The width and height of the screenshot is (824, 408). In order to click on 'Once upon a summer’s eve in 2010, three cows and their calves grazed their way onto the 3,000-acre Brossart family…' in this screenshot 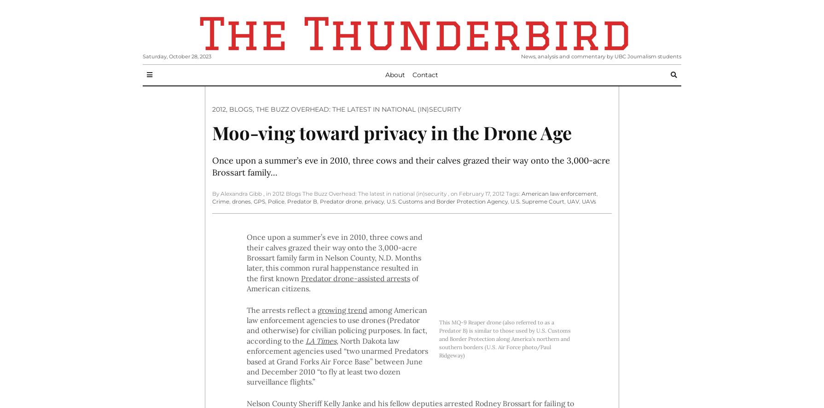, I will do `click(411, 166)`.